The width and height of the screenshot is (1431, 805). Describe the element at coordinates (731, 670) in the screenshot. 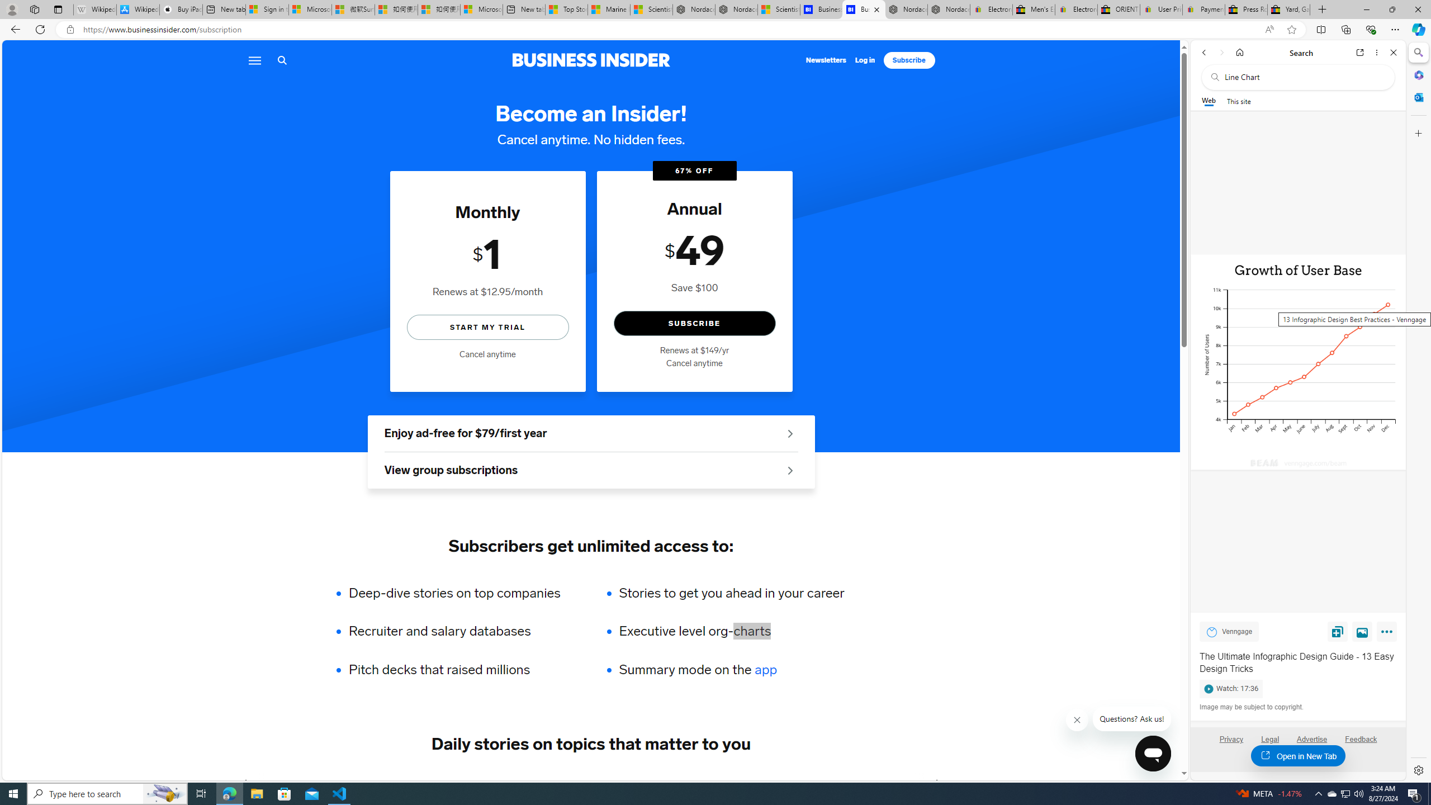

I see `'Summary mode on the app'` at that location.